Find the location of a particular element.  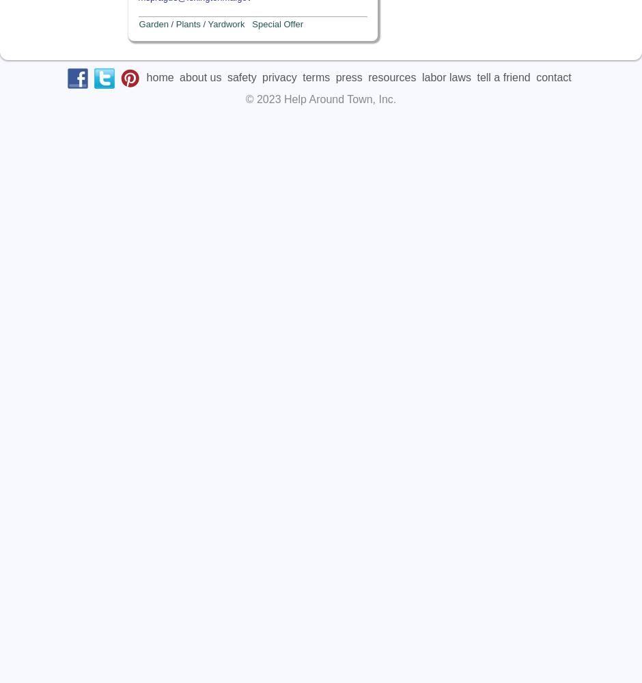

'press' is located at coordinates (348, 76).